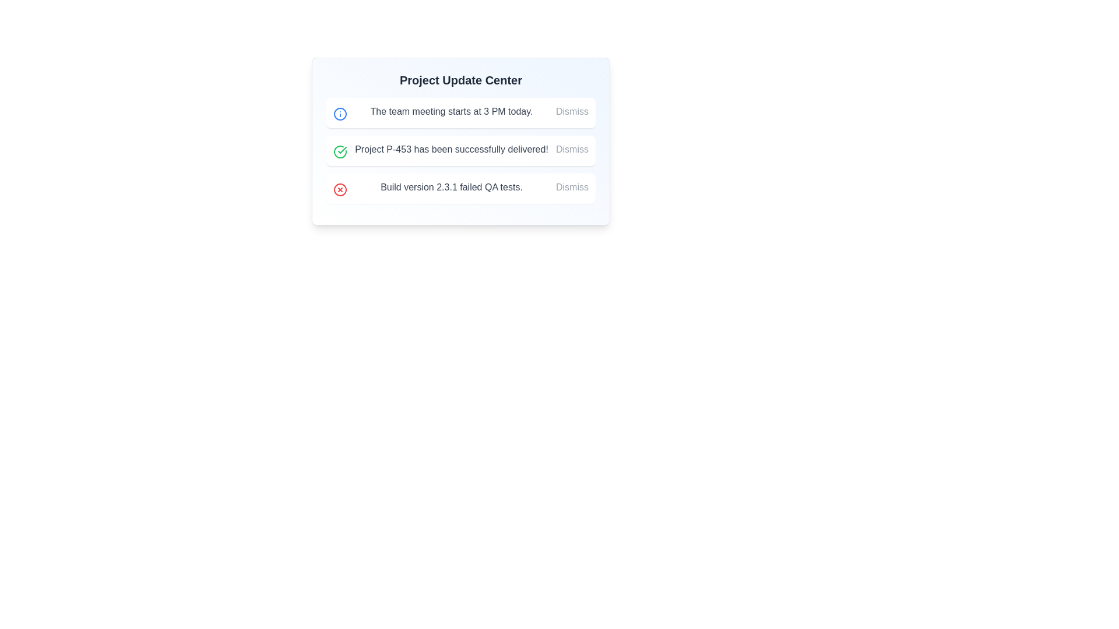  I want to click on the circular success icon with a green border and a checkmark in the center, located to the left of the notification text 'Project P-453 has been successfully delivered!', so click(340, 151).